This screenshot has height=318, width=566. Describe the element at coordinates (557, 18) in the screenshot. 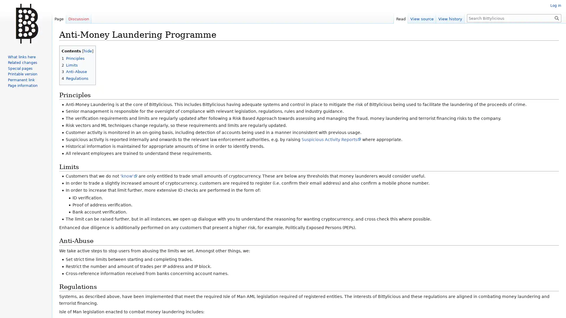

I see `Go` at that location.